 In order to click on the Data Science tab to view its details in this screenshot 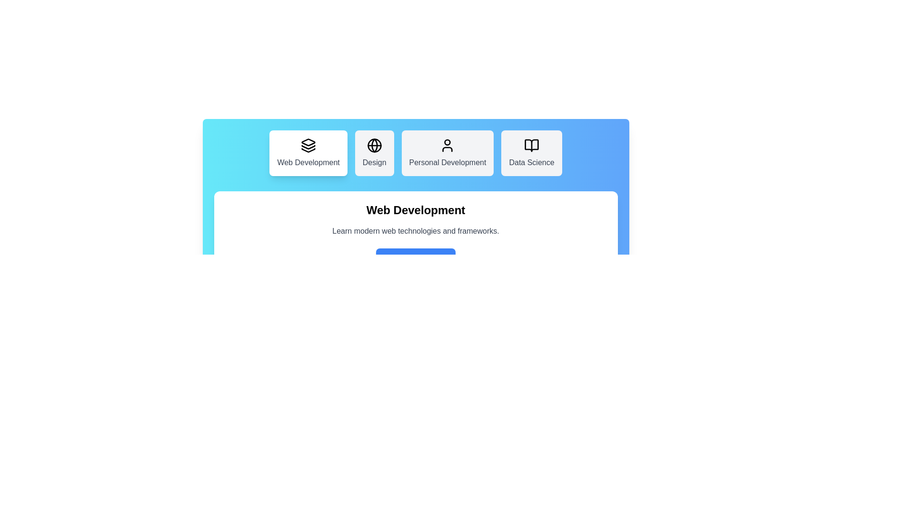, I will do `click(531, 152)`.